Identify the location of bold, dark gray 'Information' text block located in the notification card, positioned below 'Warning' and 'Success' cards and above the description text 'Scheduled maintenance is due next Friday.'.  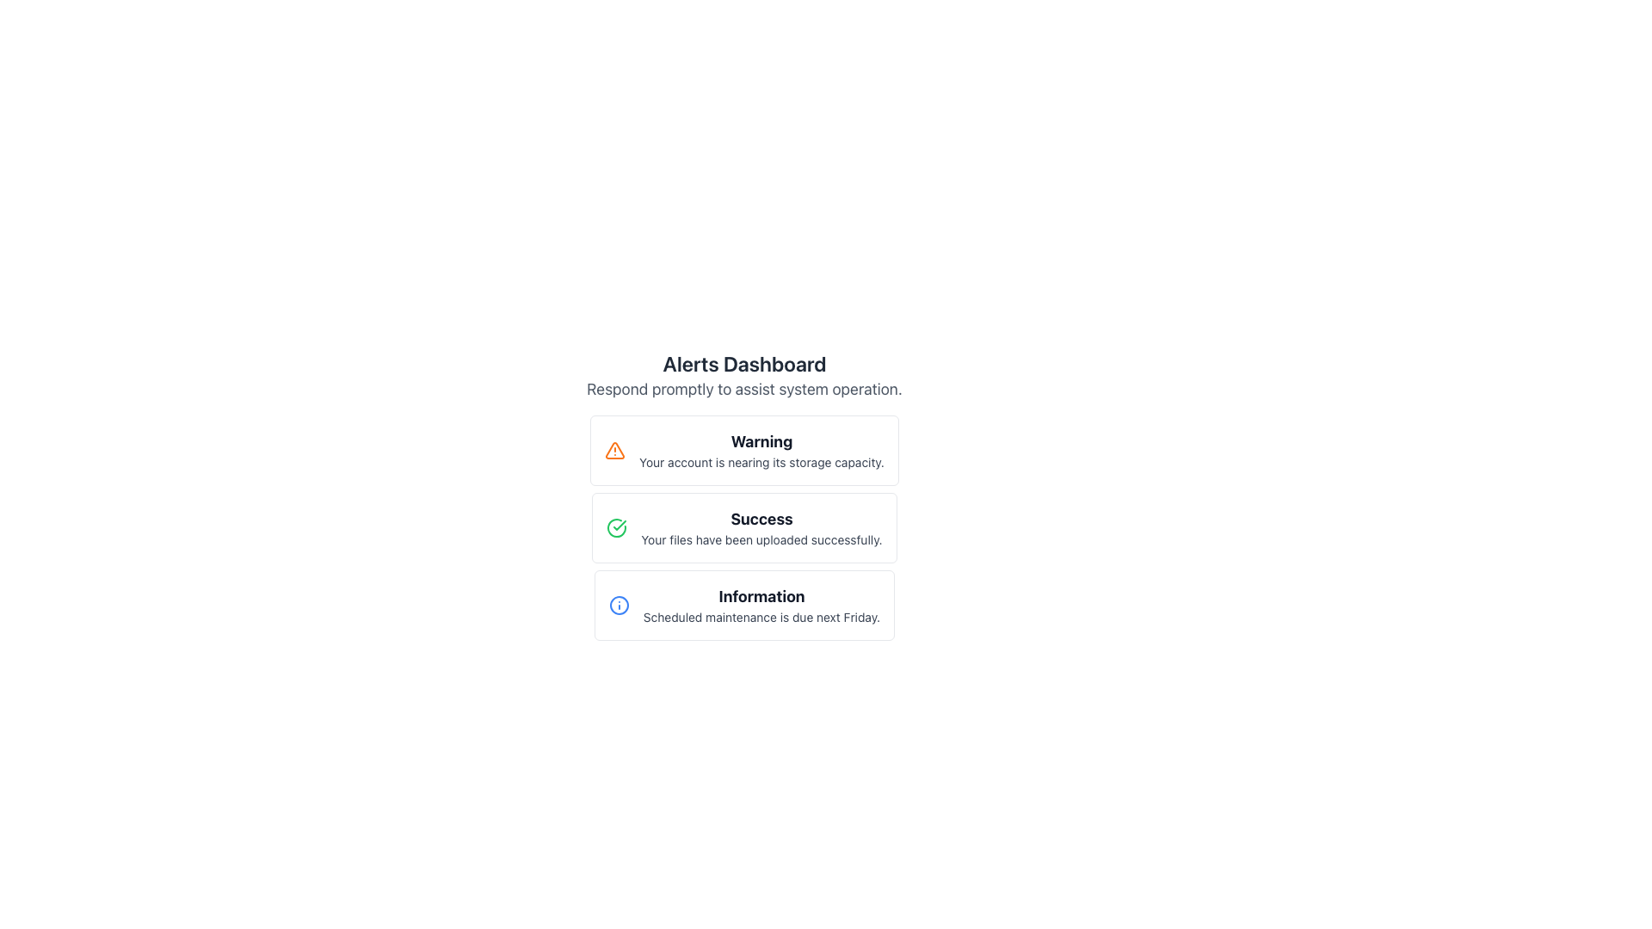
(761, 596).